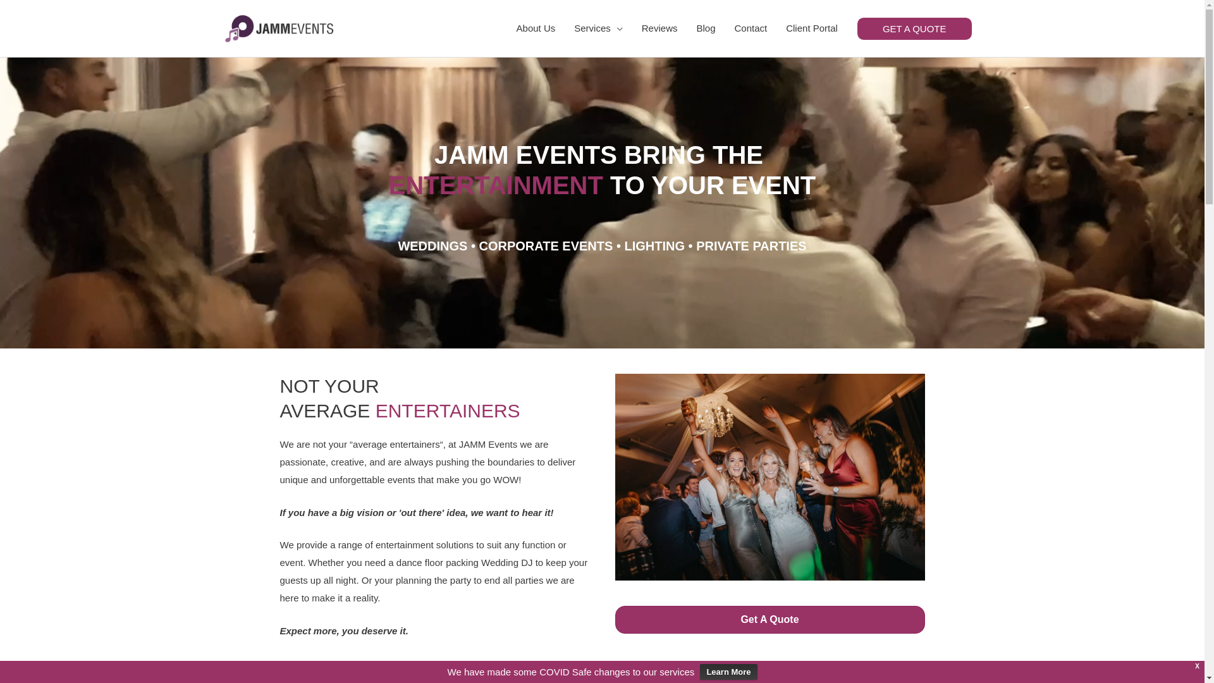  What do you see at coordinates (705, 28) in the screenshot?
I see `'Blog'` at bounding box center [705, 28].